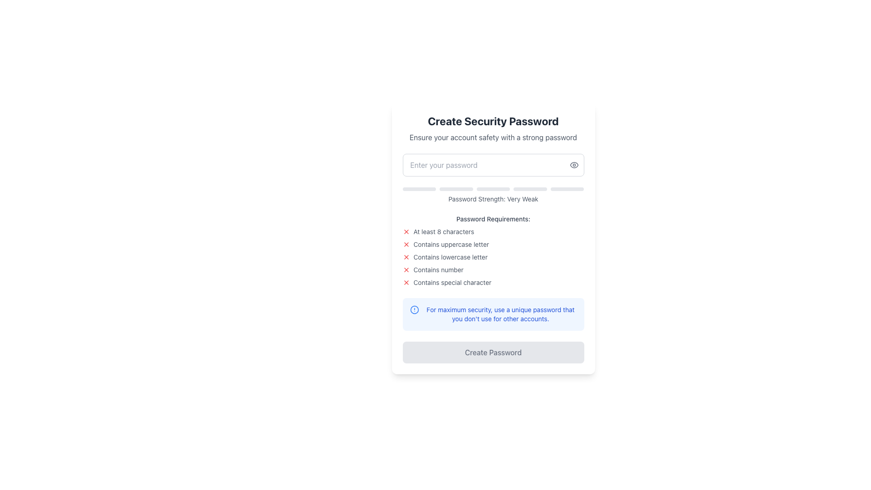 Image resolution: width=871 pixels, height=490 pixels. I want to click on the static informational text displaying the message 'For maximum security, use a unique password that you don't use for other accounts.' which is styled in a small blue font and located in a light blue box with rounded corners, so click(500, 314).